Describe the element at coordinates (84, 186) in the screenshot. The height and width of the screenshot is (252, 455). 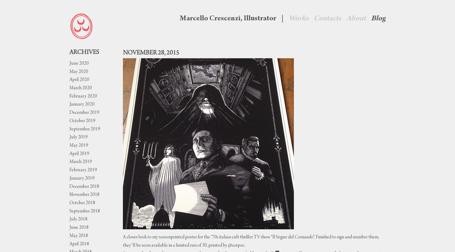
I see `'December 2018'` at that location.